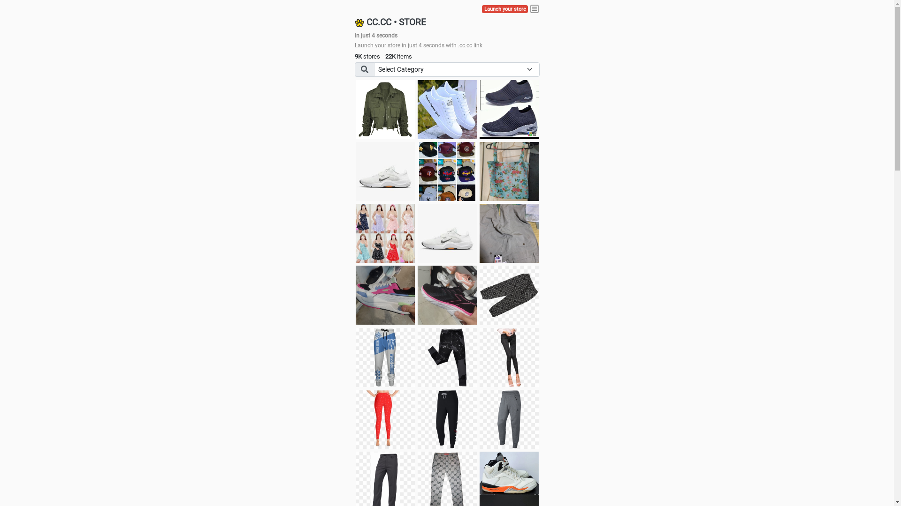 This screenshot has width=901, height=506. I want to click on 'Pant', so click(447, 418).